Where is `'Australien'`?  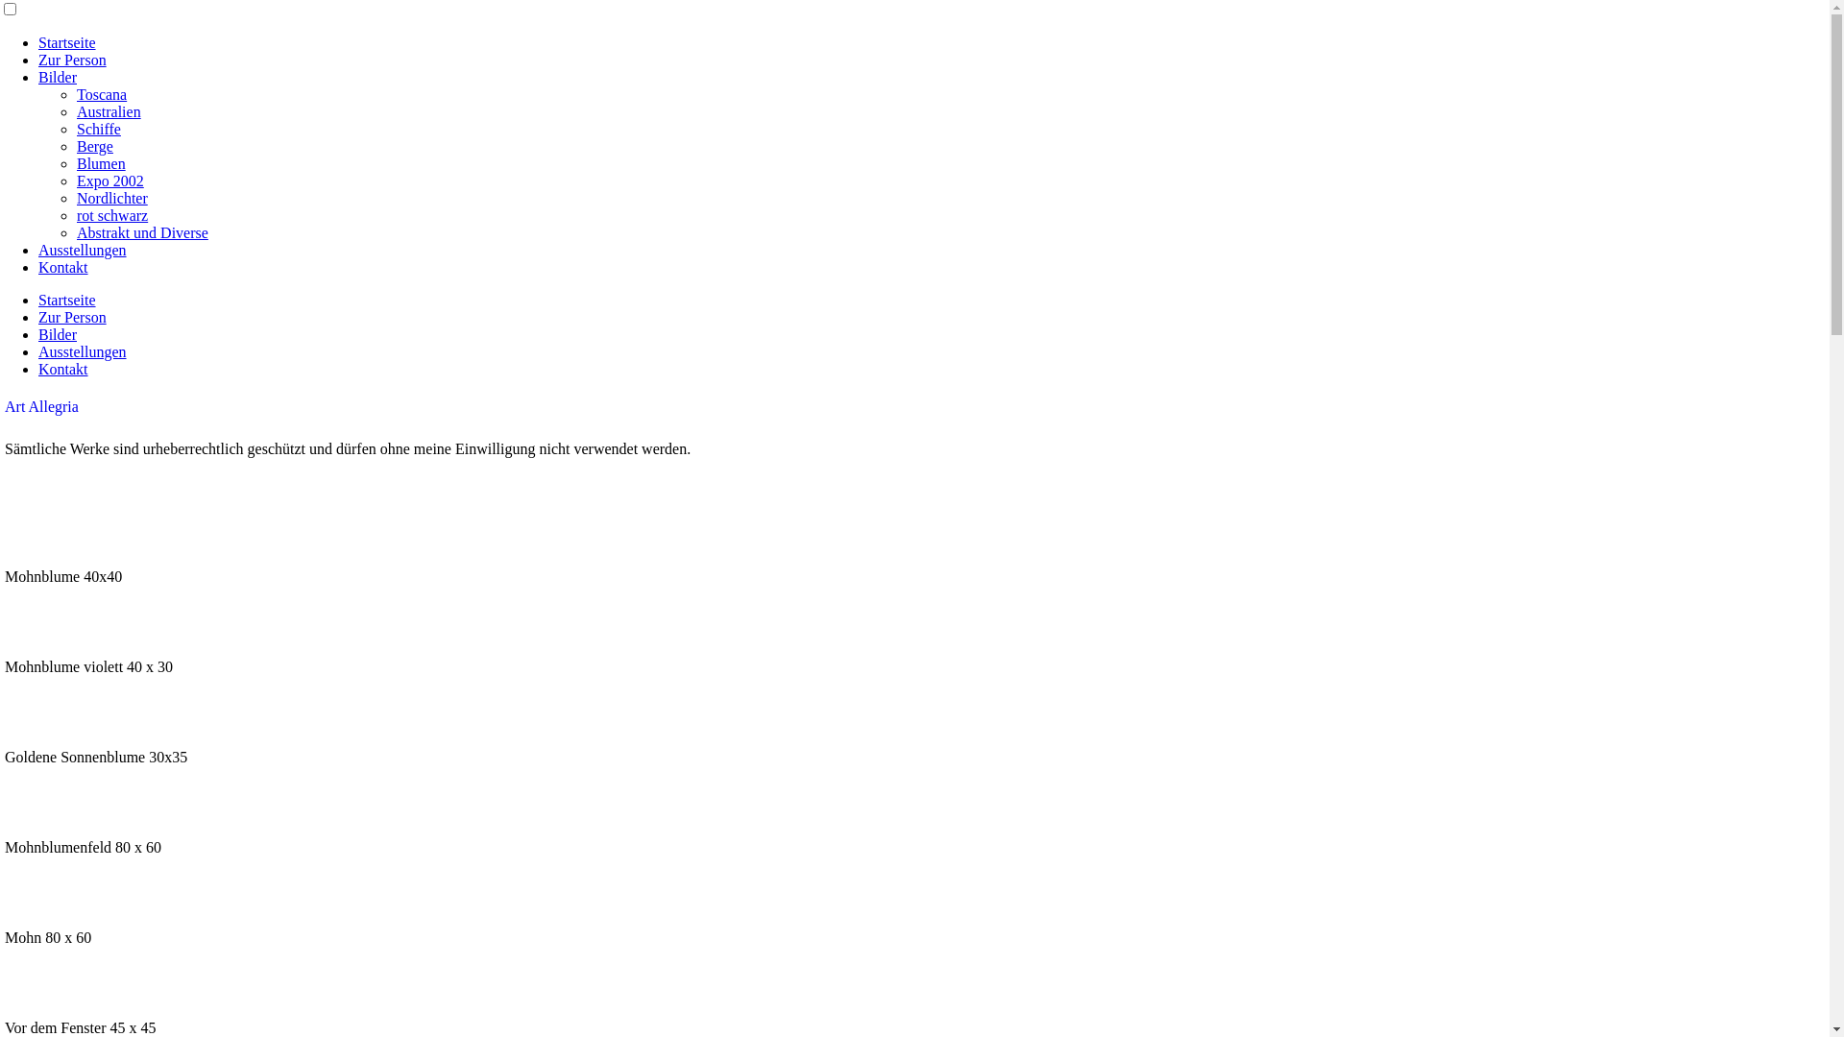
'Australien' is located at coordinates (108, 111).